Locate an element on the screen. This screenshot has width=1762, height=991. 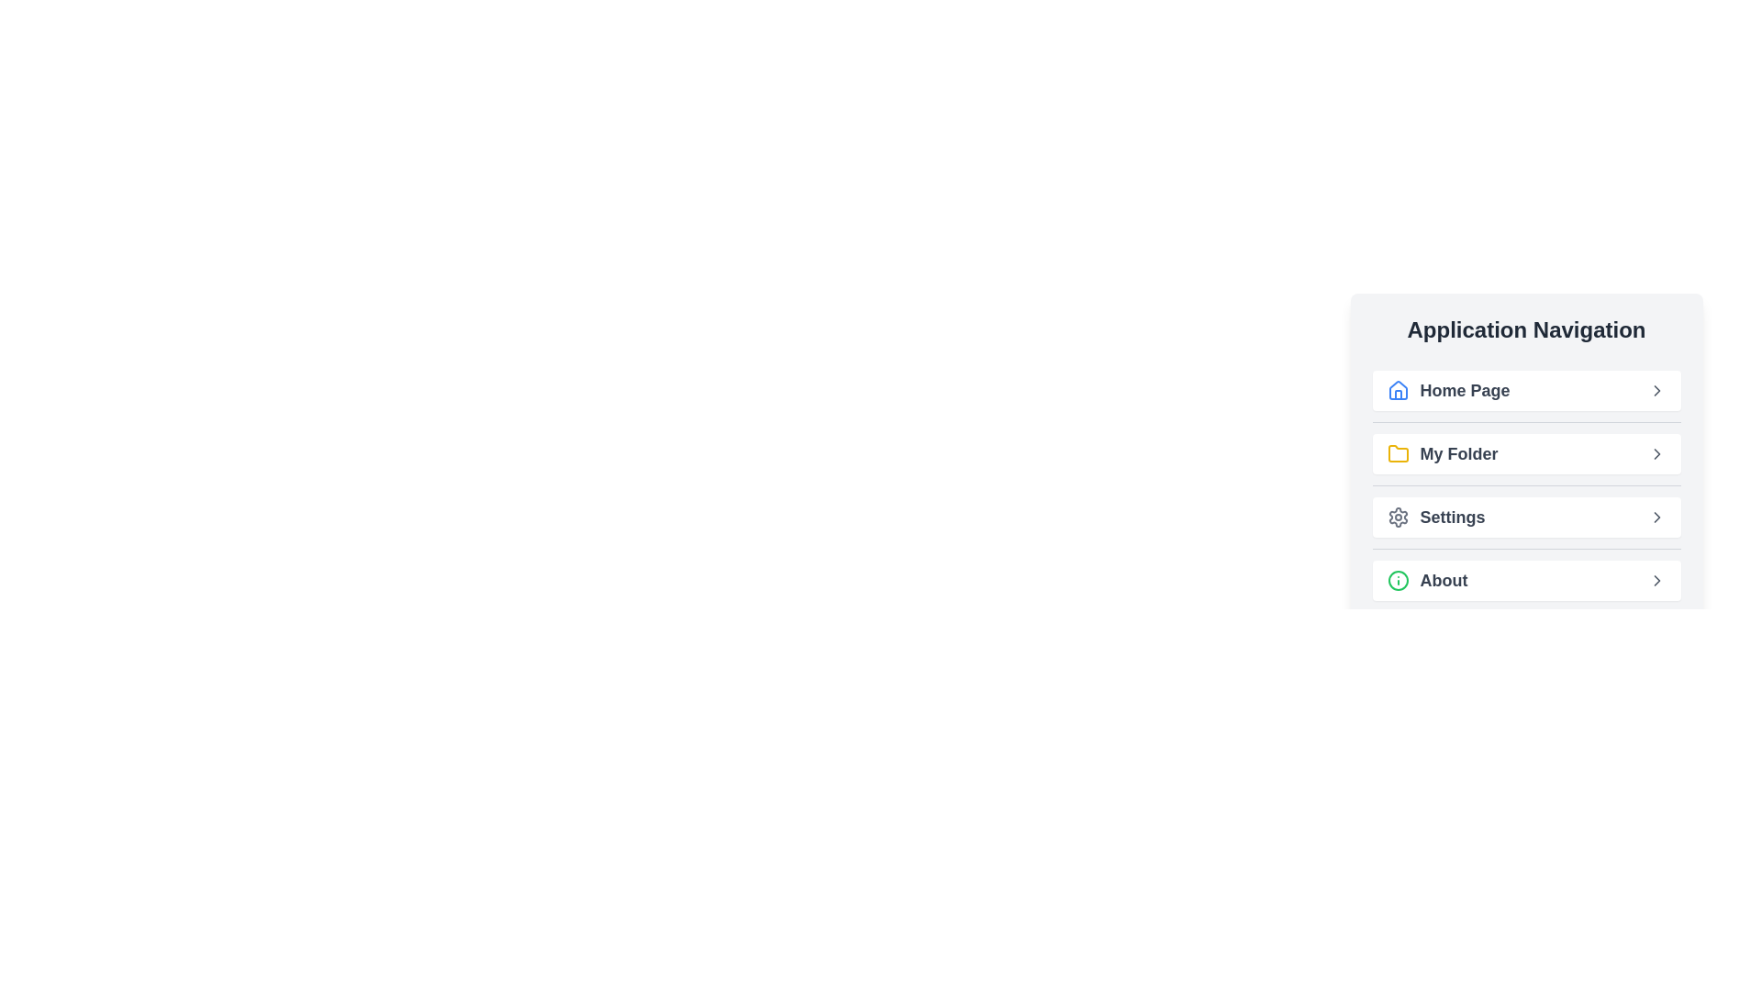
the 'Settings' button, which features a gear icon and is the third item in the Application Navigation menu, located between 'My Folder' and 'About.' is located at coordinates (1434, 517).